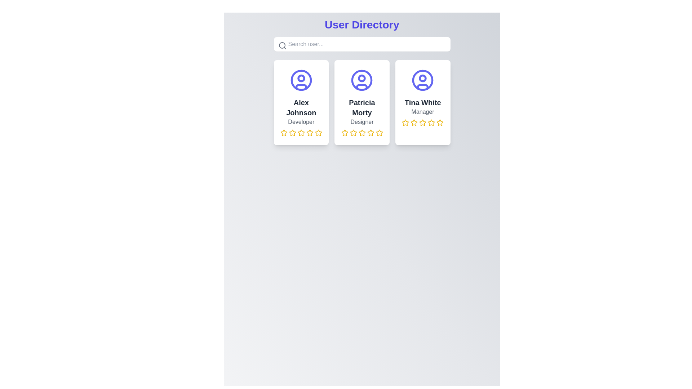  What do you see at coordinates (282, 46) in the screenshot?
I see `the magnifying glass icon located in the top-left corner of the search input field` at bounding box center [282, 46].